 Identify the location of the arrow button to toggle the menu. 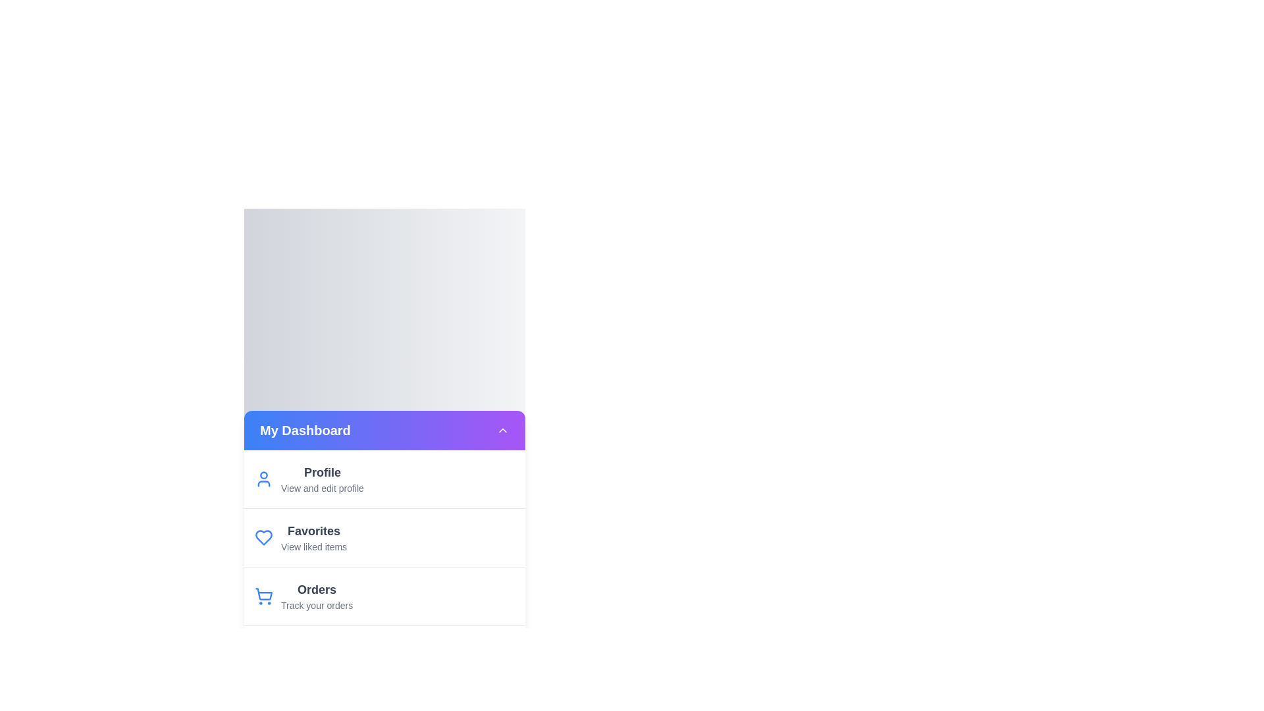
(502, 430).